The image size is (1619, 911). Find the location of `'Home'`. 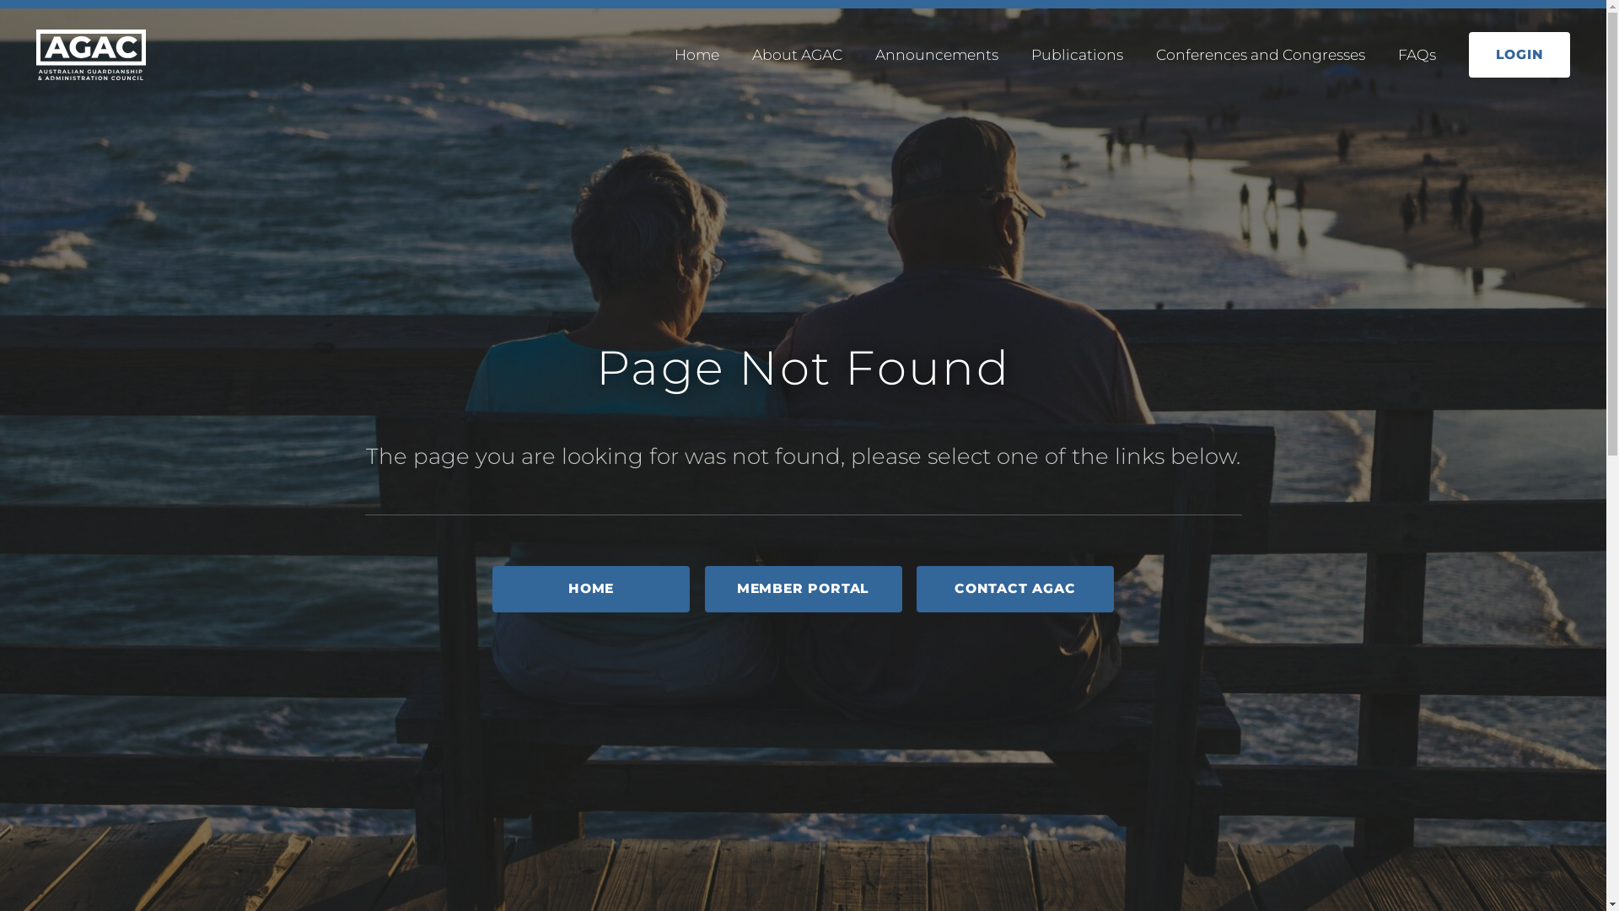

'Home' is located at coordinates (697, 53).